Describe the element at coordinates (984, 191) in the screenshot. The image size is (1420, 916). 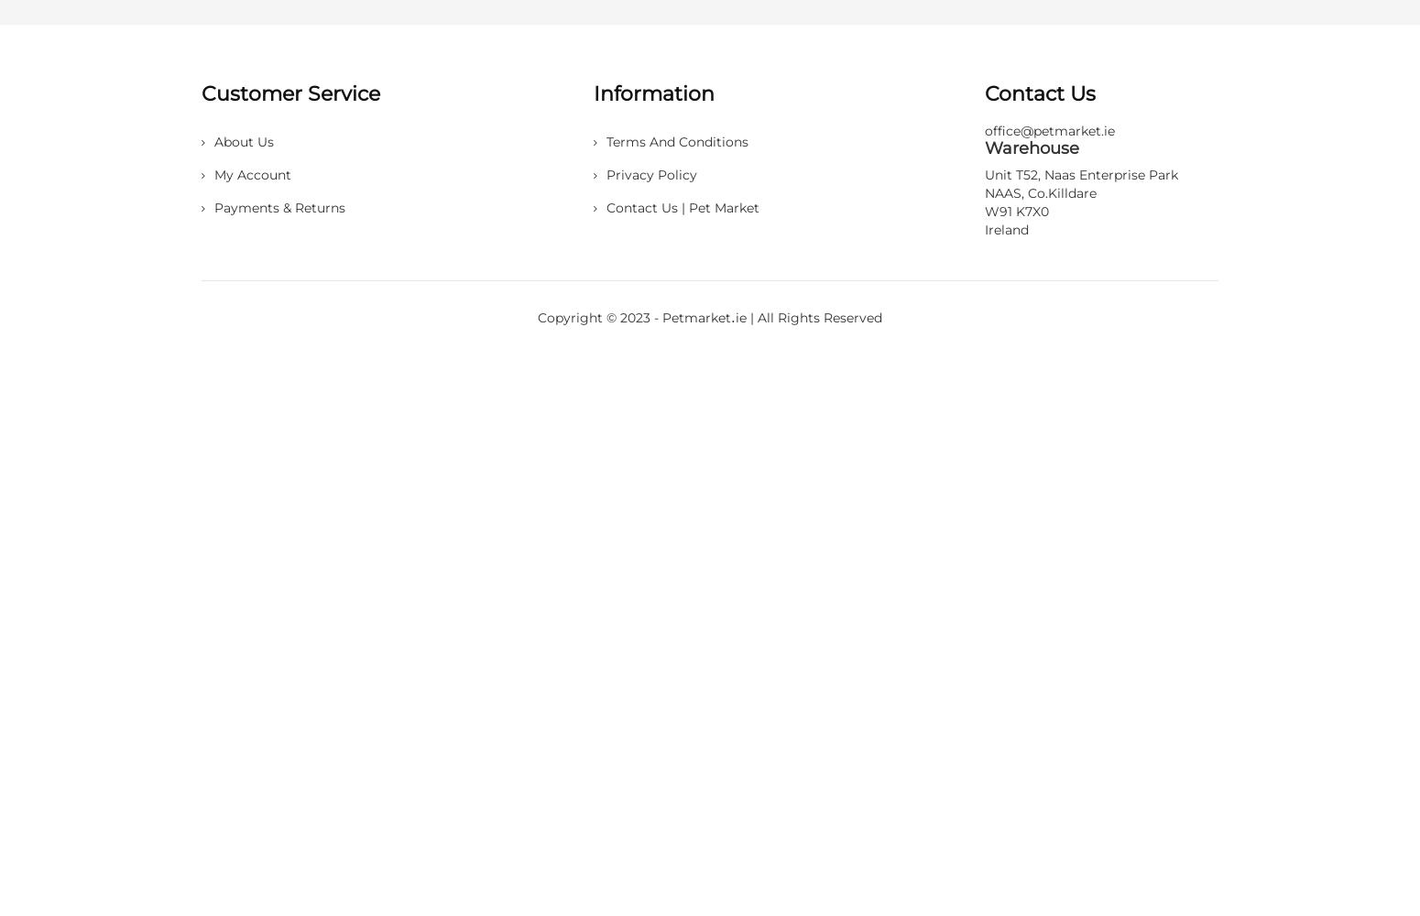
I see `'NAAS, Co.Killdare'` at that location.